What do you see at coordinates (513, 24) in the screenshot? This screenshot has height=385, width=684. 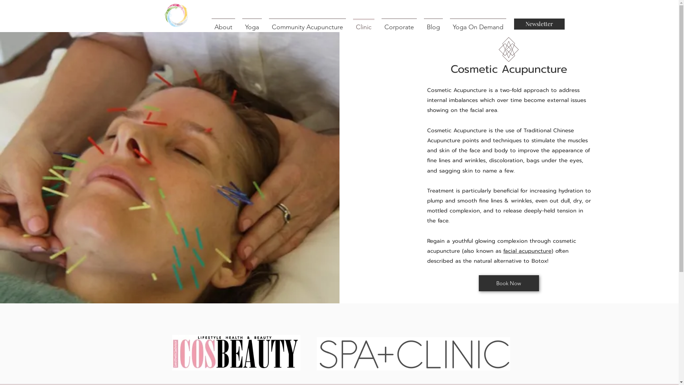 I see `'Newsletter'` at bounding box center [513, 24].